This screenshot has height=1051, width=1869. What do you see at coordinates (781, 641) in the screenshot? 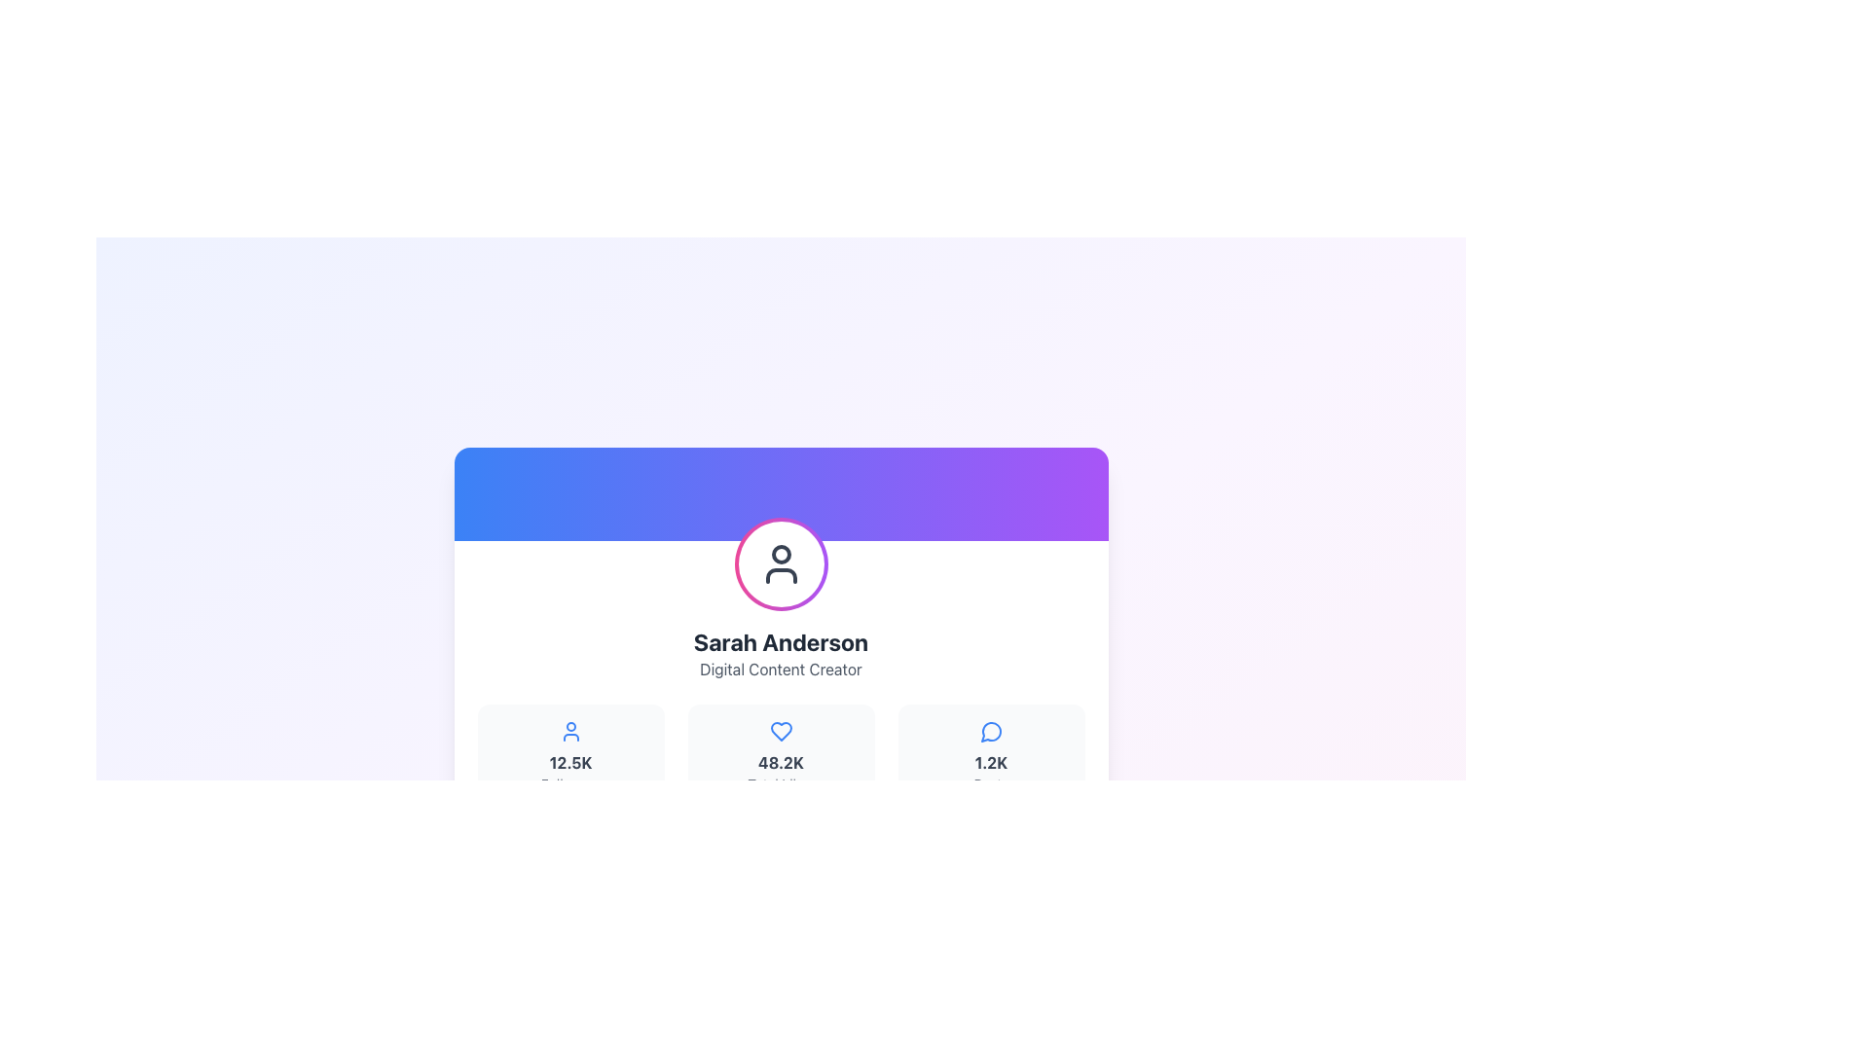
I see `the profile name text label located under the circular icon in the profile card` at bounding box center [781, 641].